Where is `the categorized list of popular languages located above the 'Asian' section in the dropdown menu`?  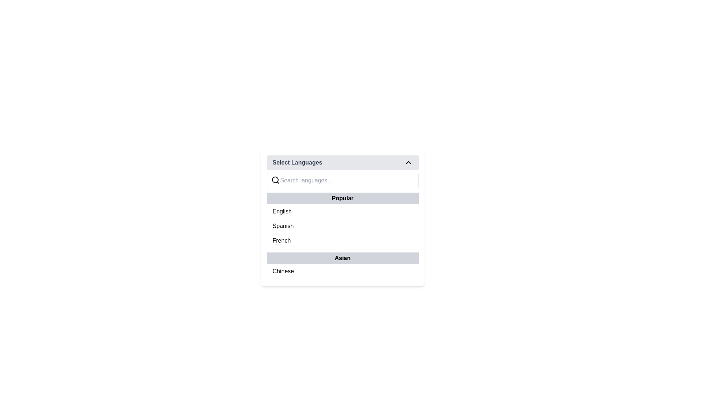 the categorized list of popular languages located above the 'Asian' section in the dropdown menu is located at coordinates (342, 220).